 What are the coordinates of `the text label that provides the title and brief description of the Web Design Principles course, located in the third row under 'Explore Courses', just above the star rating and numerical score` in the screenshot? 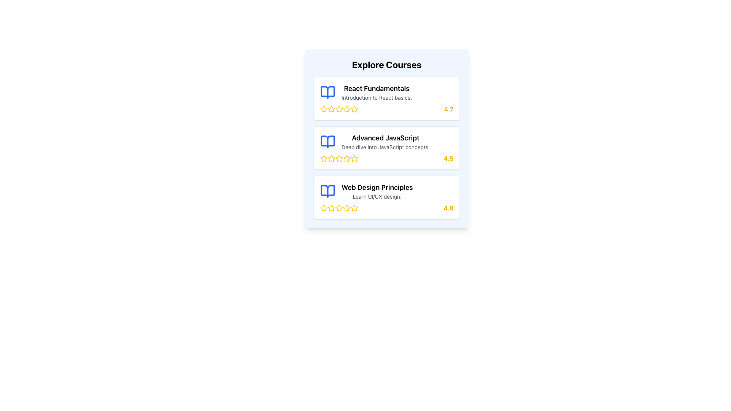 It's located at (377, 191).